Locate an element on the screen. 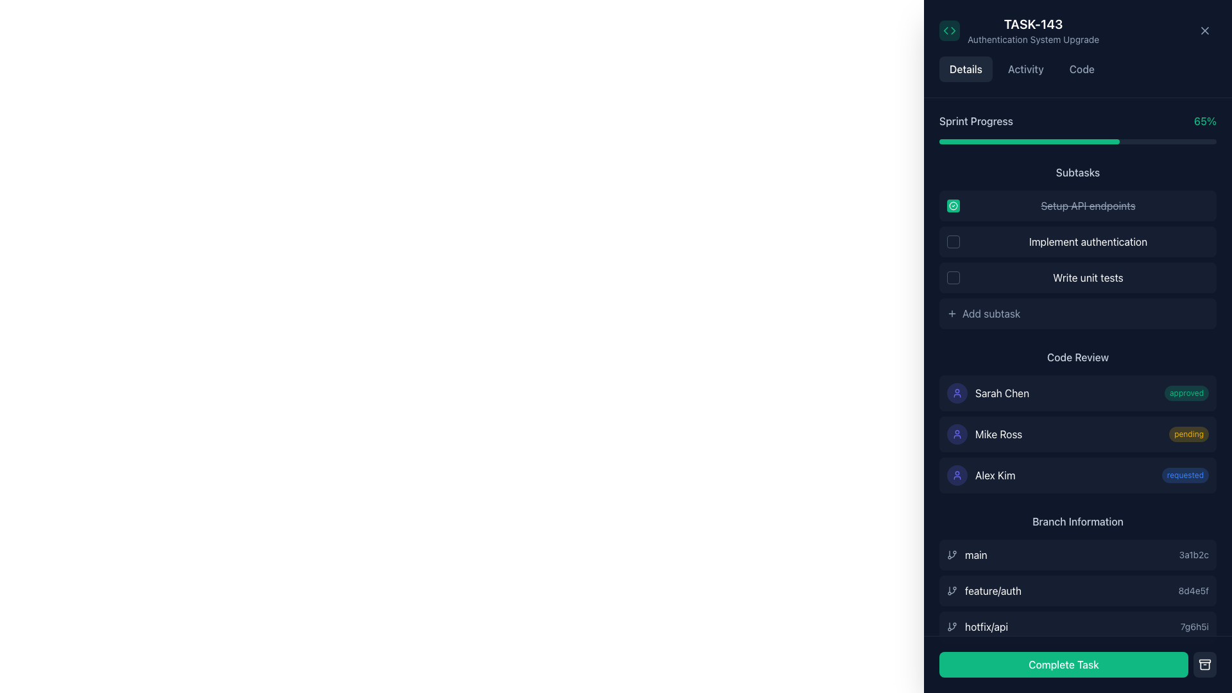  the subtask list item with a checkbox and text is located at coordinates (1078, 242).